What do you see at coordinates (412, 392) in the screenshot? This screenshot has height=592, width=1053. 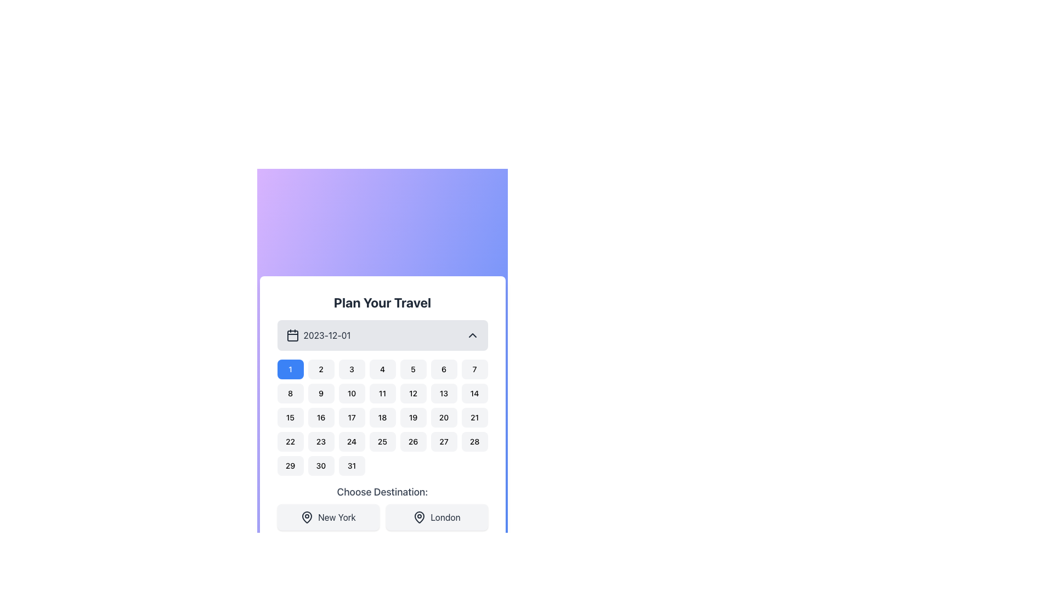 I see `the button that allows the user to select the date '12' within the calendar component located in the second row and fifth column of the grid layout` at bounding box center [412, 392].